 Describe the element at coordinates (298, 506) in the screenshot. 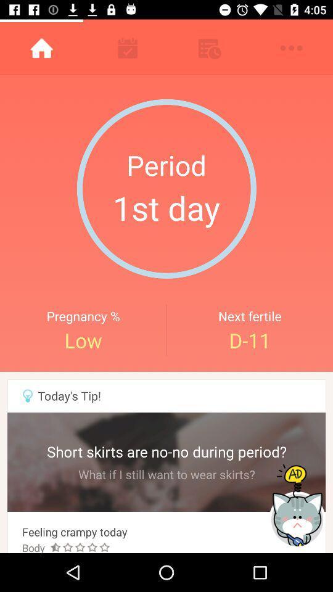

I see `open advertisement` at that location.